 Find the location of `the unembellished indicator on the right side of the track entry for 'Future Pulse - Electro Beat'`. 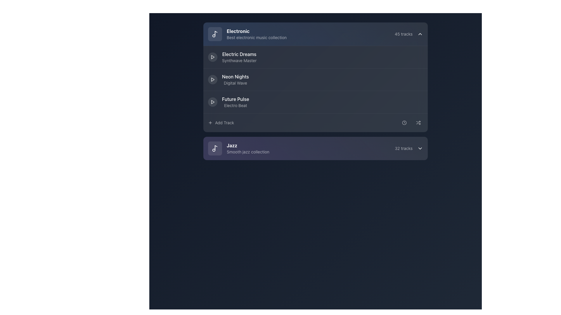

the unembellished indicator on the right side of the track entry for 'Future Pulse - Electro Beat' is located at coordinates (404, 102).